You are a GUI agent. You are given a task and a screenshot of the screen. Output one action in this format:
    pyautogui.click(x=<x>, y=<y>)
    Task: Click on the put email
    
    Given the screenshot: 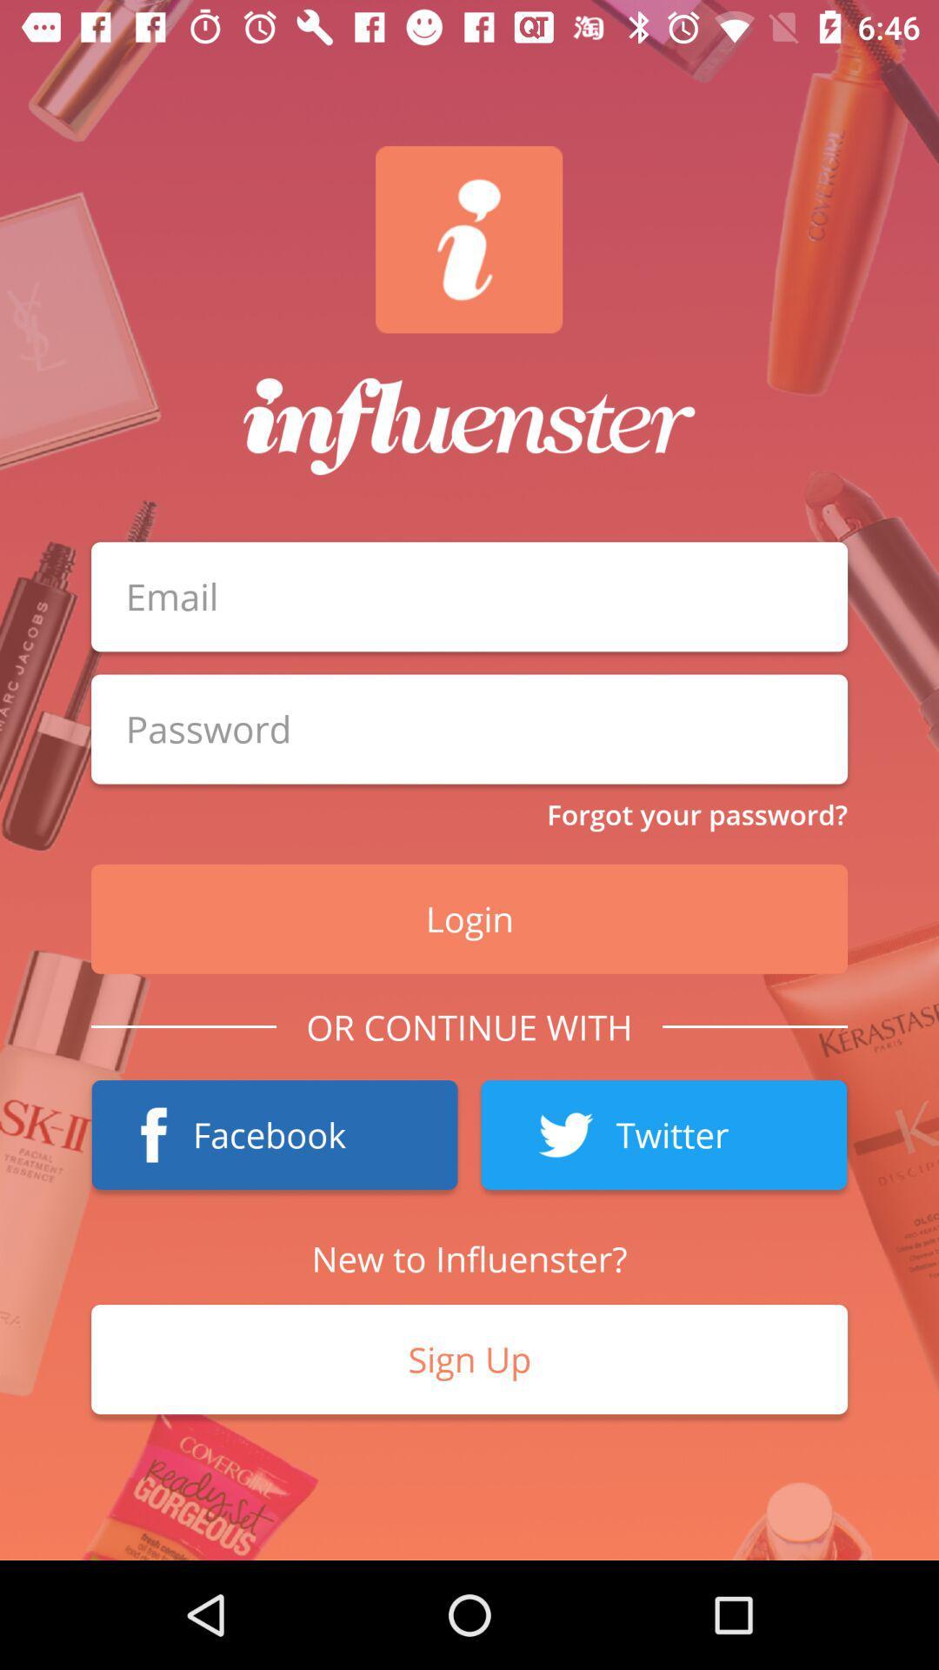 What is the action you would take?
    pyautogui.click(x=469, y=597)
    